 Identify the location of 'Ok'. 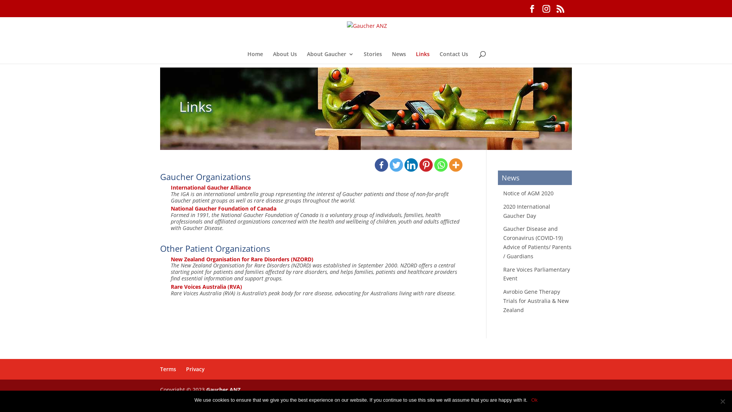
(530, 400).